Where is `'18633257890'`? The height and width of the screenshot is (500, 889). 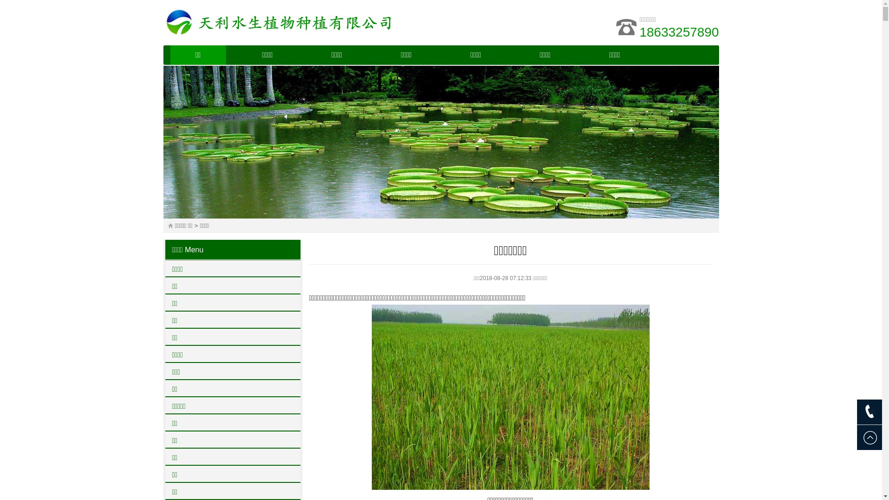
'18633257890' is located at coordinates (639, 31).